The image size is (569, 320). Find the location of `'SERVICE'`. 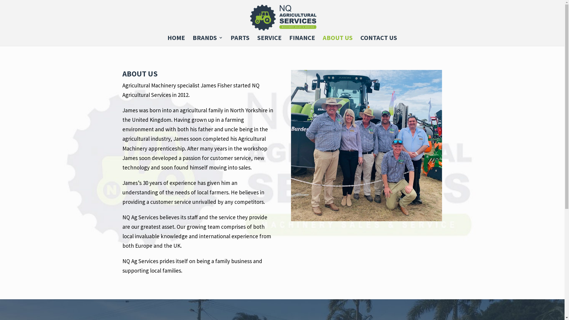

'SERVICE' is located at coordinates (257, 40).